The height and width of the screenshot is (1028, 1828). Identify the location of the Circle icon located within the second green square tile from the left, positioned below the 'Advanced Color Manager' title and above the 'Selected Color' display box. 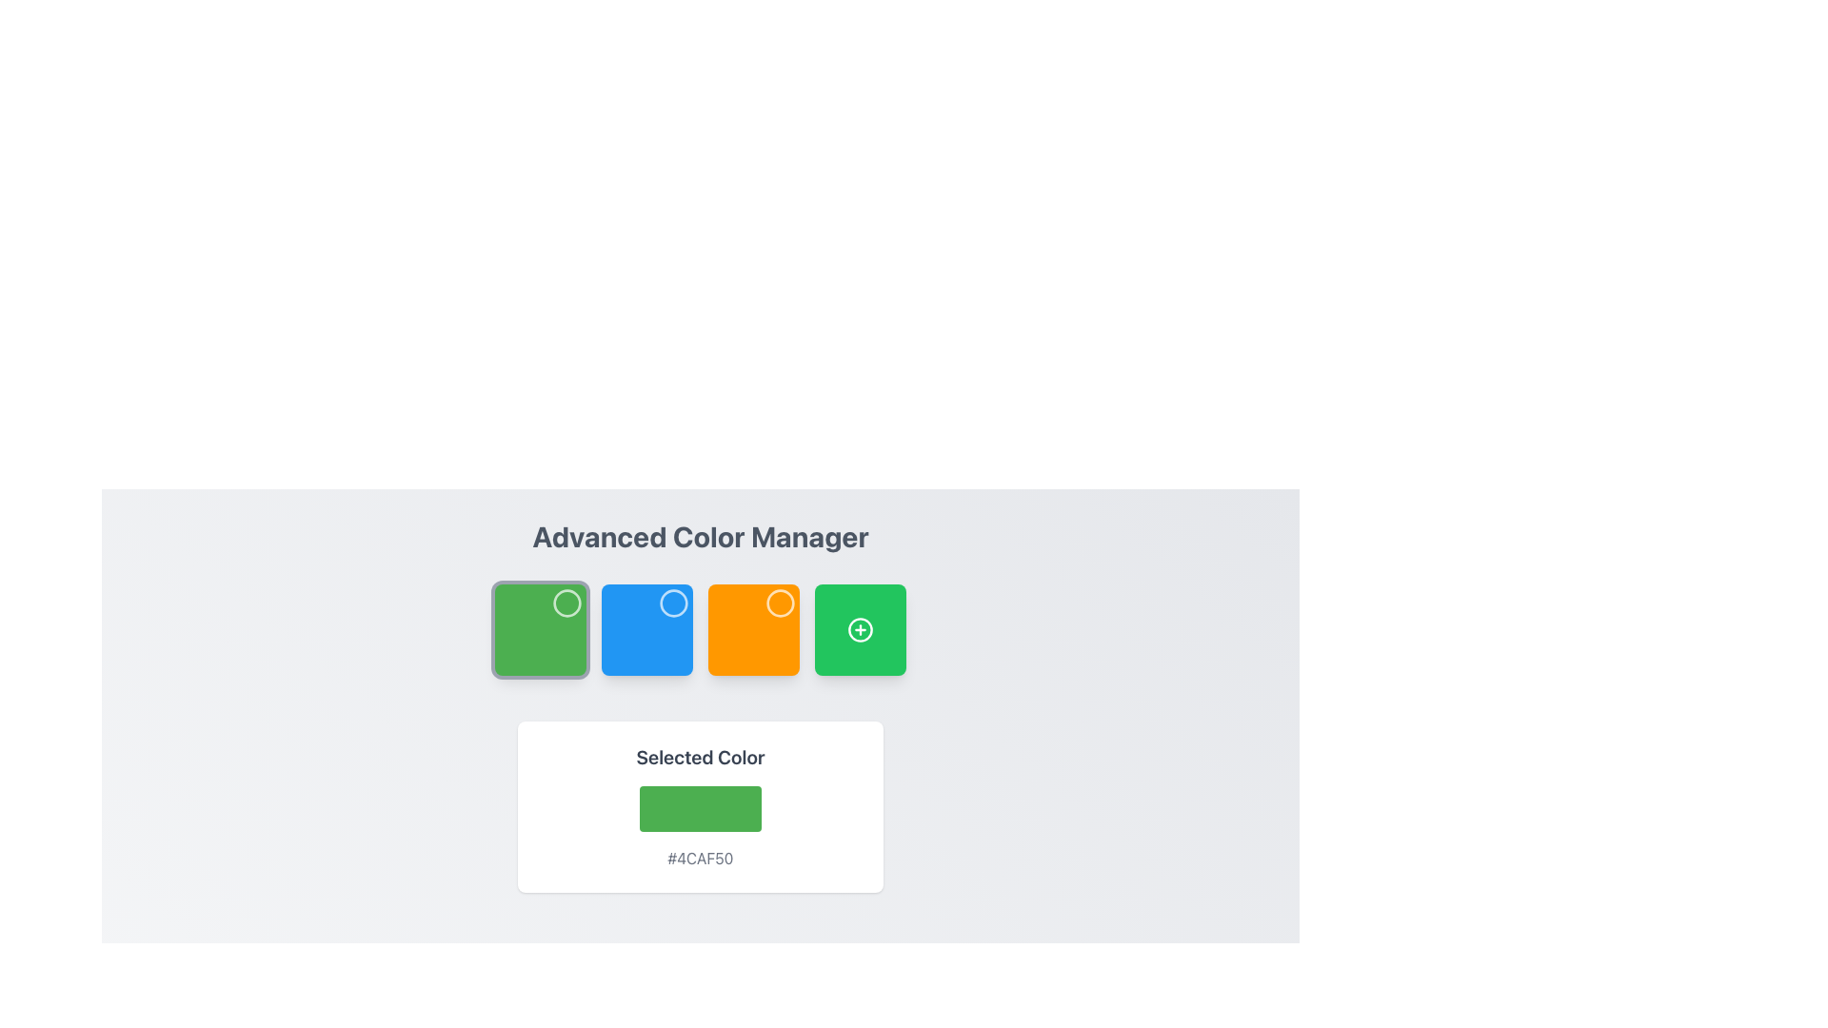
(566, 603).